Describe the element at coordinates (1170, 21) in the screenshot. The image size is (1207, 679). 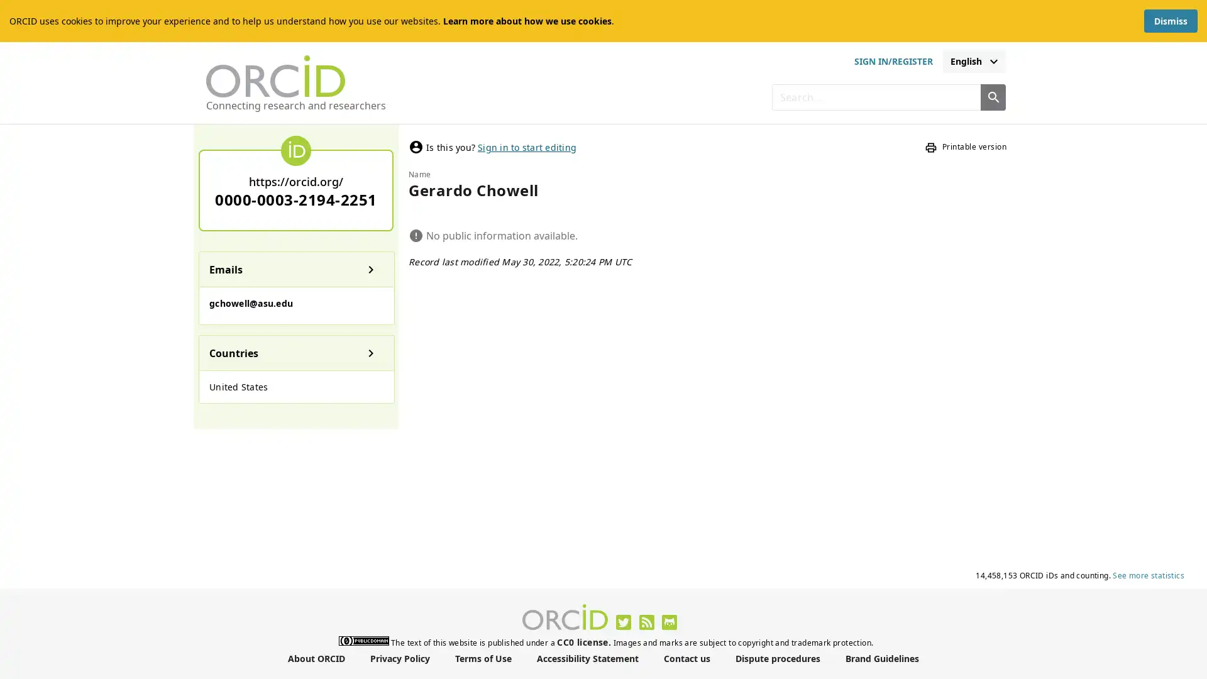
I see `Dismiss` at that location.